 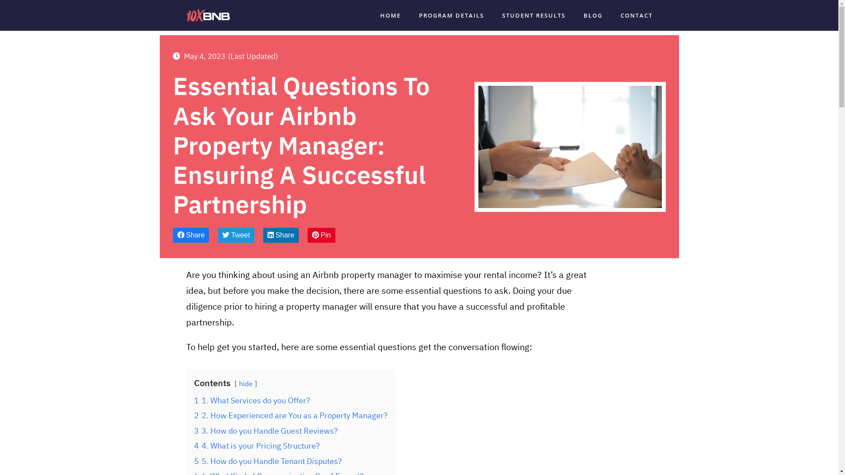 What do you see at coordinates (236, 235) in the screenshot?
I see `'Tweet'` at bounding box center [236, 235].